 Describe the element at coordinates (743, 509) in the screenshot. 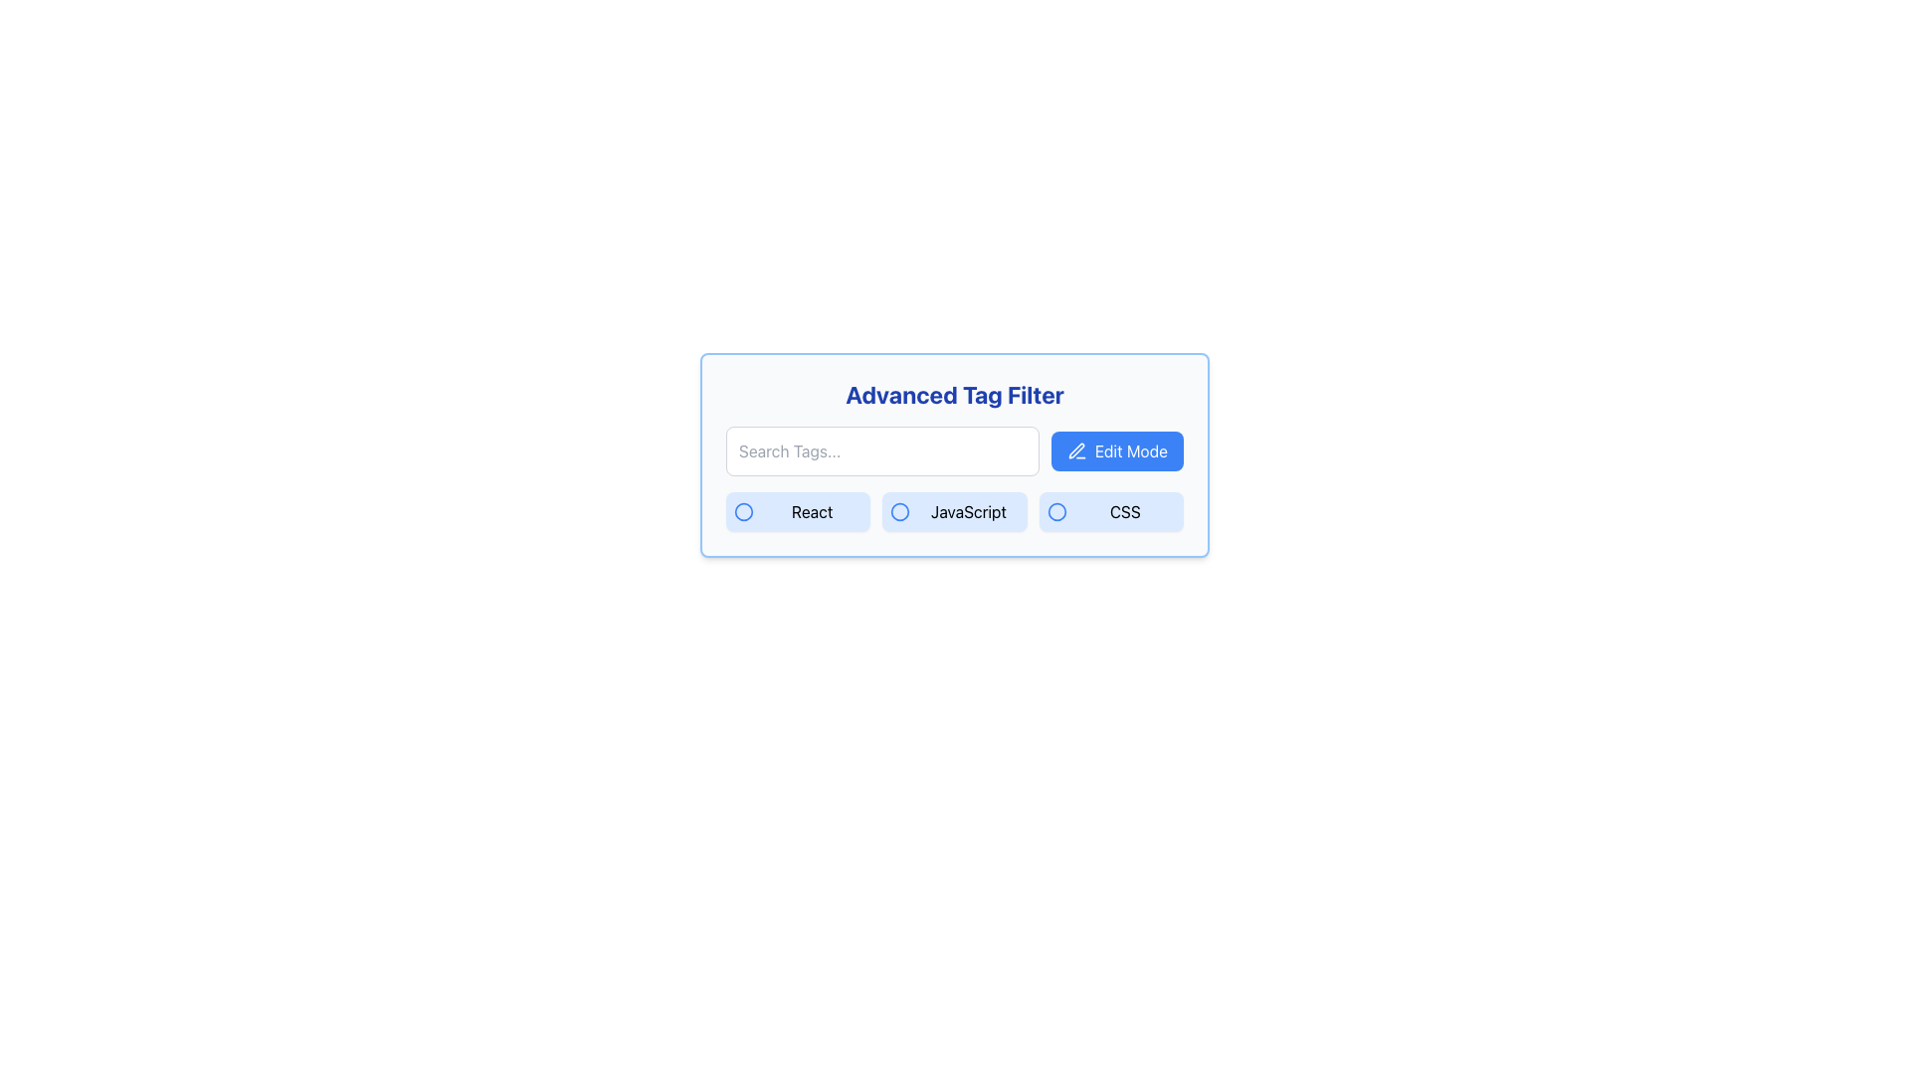

I see `the Circle graphic element that visually represents the React button, providing users with an additional visual cue for interaction` at that location.